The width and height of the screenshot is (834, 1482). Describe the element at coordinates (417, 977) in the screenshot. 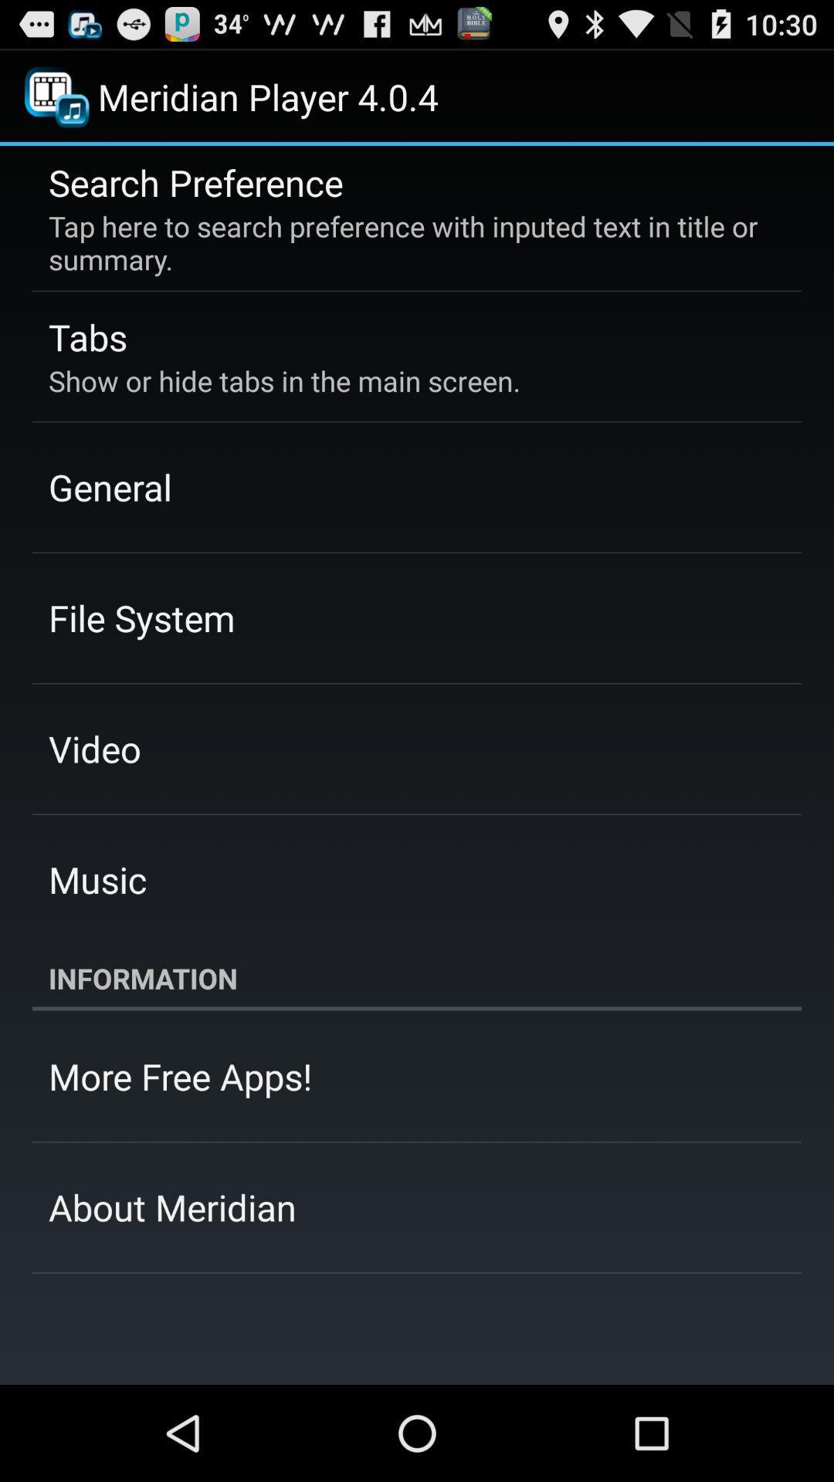

I see `the information item` at that location.